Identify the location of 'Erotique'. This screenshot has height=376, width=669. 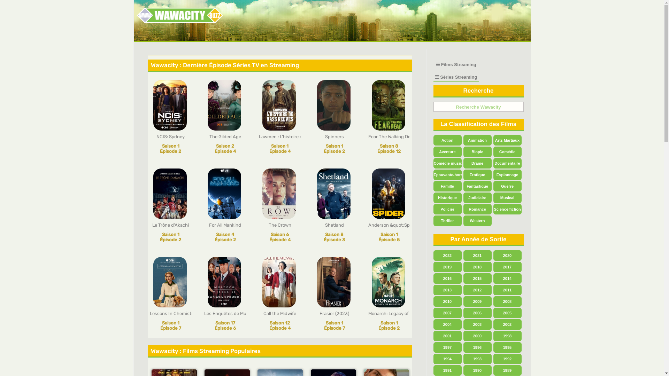
(477, 174).